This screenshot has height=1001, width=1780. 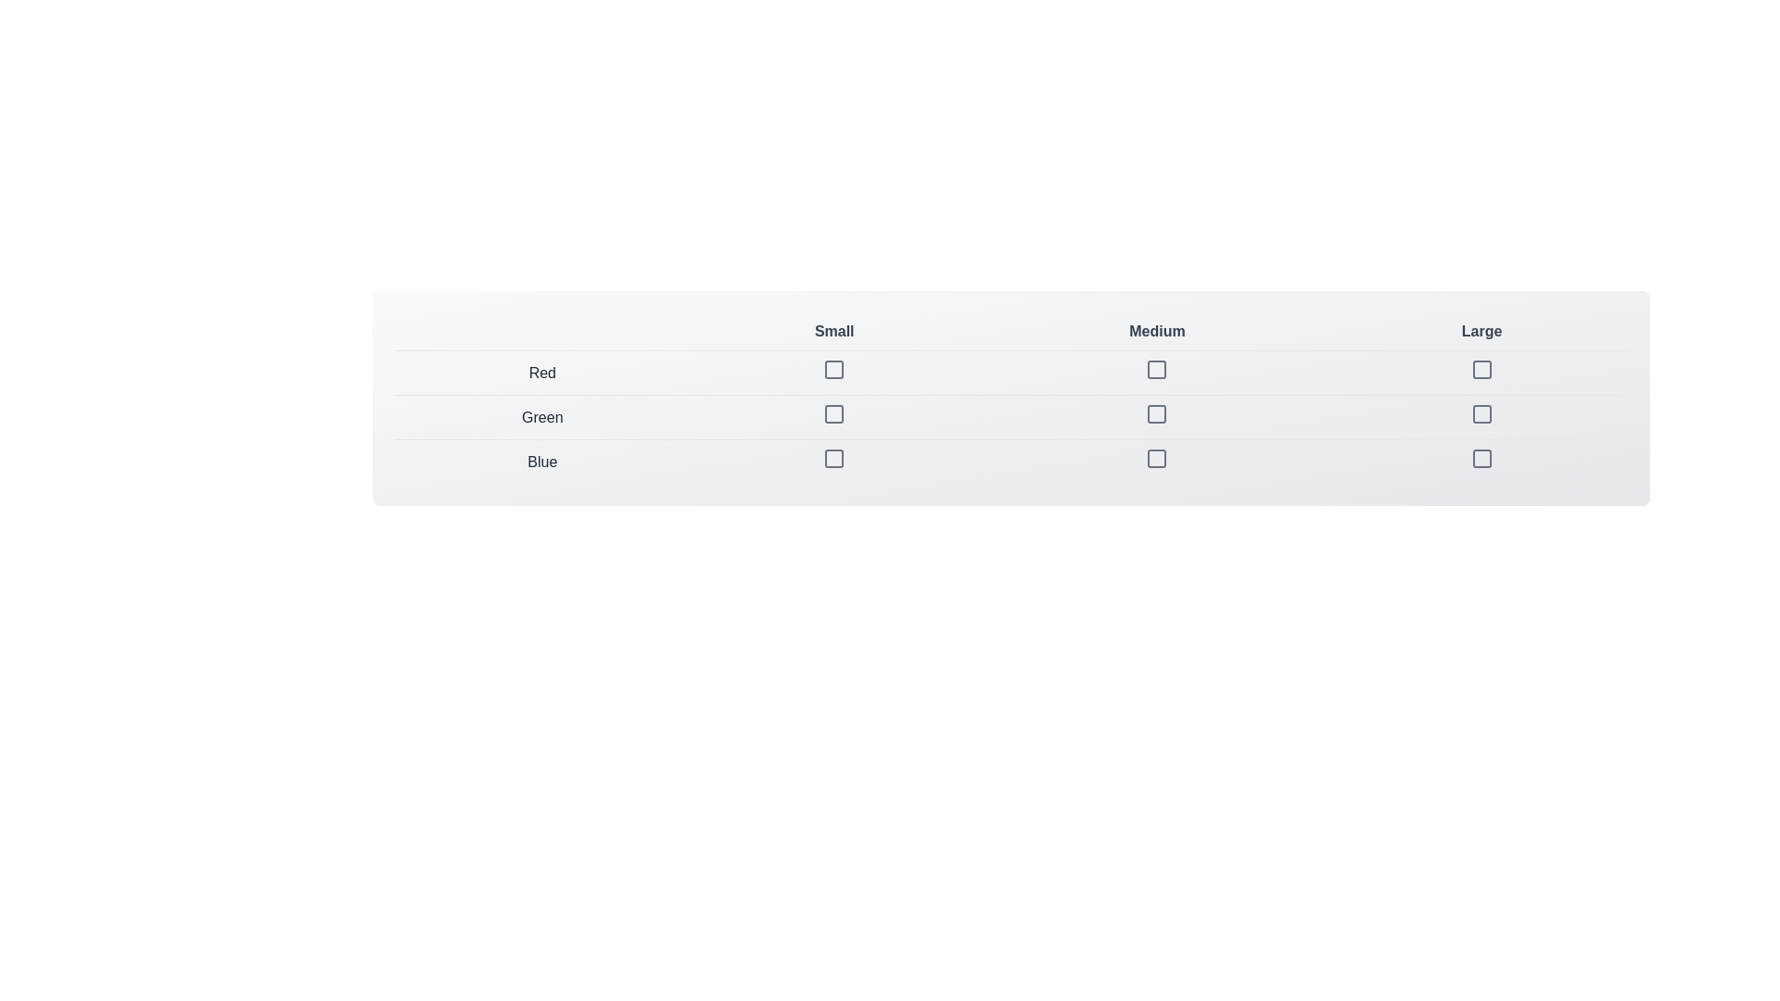 I want to click on the checkbox located at the intersection of the 'Red' row and 'Small' column, so click(x=833, y=369).